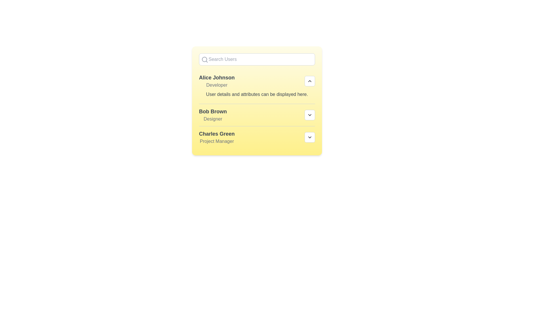 Image resolution: width=557 pixels, height=313 pixels. Describe the element at coordinates (257, 59) in the screenshot. I see `the search input field and type 'Charles'` at that location.